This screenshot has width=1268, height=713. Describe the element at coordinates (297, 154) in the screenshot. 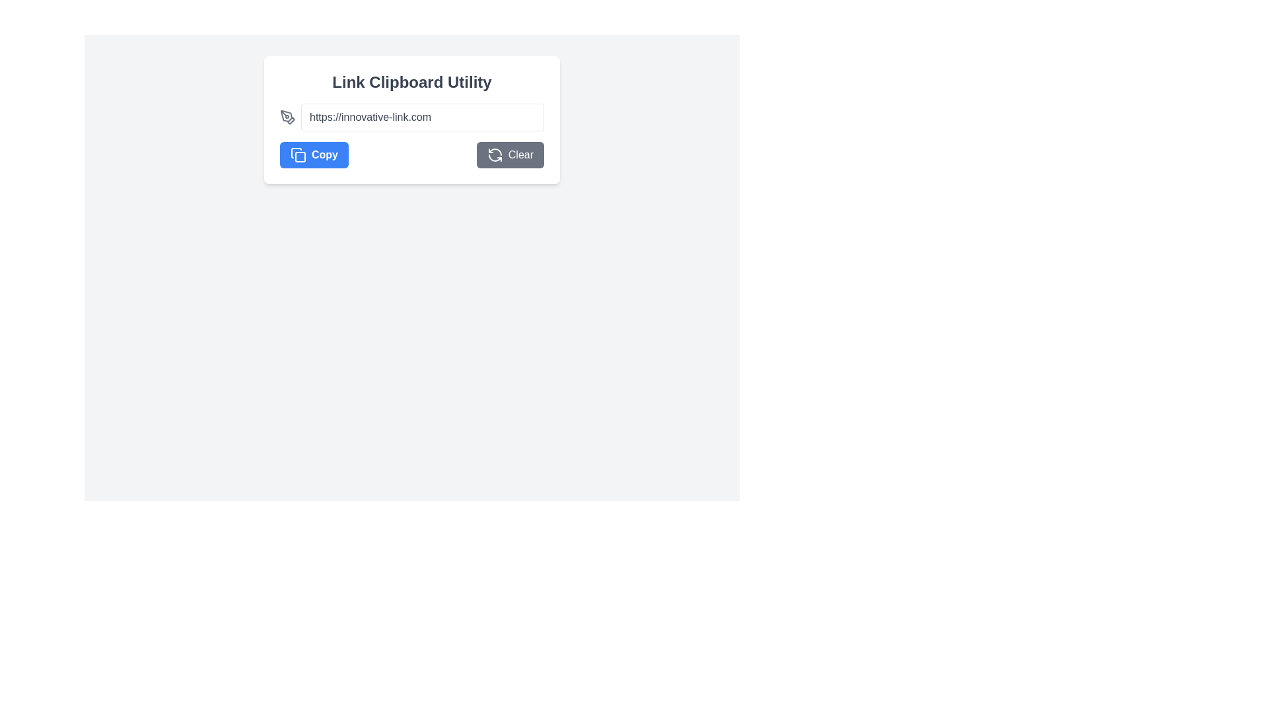

I see `the Copy icon located within the Copy button on the left side of the utility panel` at that location.